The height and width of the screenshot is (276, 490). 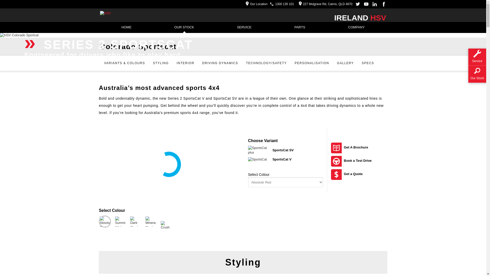 What do you see at coordinates (242, 63) in the screenshot?
I see `'TECHNOLOGY/SAFETY'` at bounding box center [242, 63].